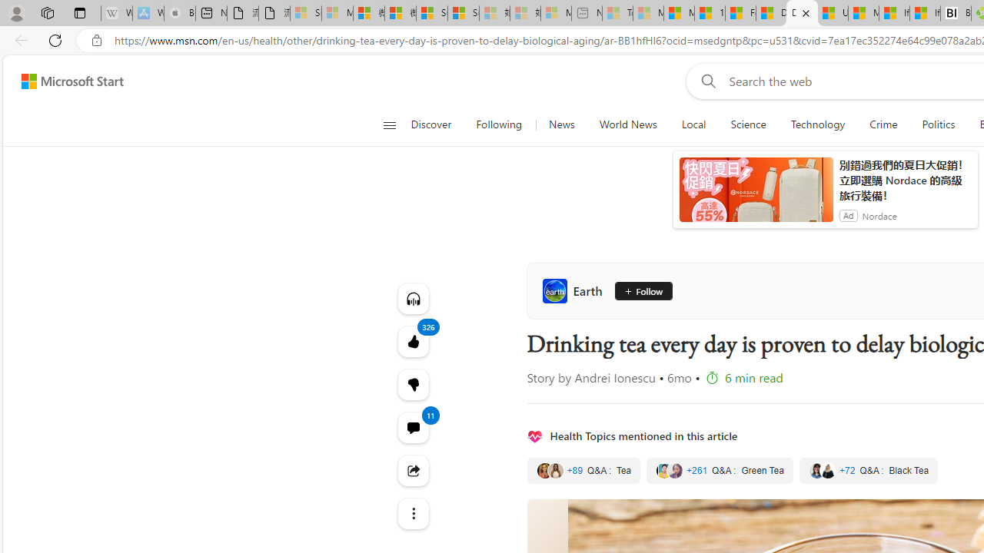  What do you see at coordinates (500, 124) in the screenshot?
I see `'Following'` at bounding box center [500, 124].